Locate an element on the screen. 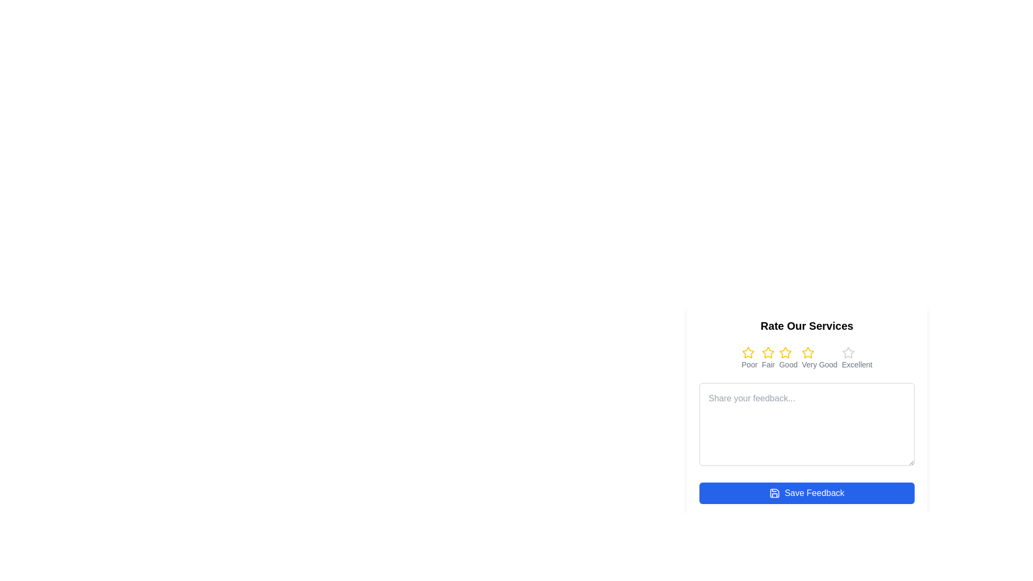 This screenshot has width=1033, height=581. the graphical save icon component within the SVG element, which visually represents the save function and is part of the save button located below the feedback text box is located at coordinates (775, 493).